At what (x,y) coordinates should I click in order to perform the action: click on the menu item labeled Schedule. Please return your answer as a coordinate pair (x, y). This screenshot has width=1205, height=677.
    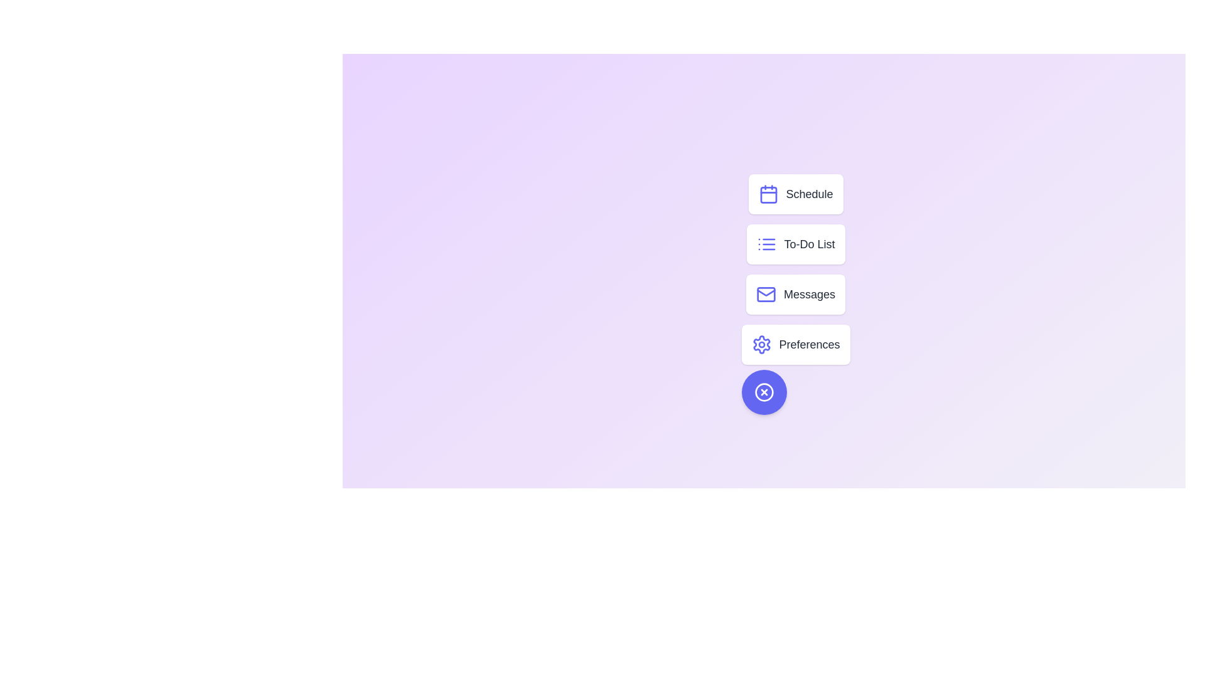
    Looking at the image, I should click on (795, 194).